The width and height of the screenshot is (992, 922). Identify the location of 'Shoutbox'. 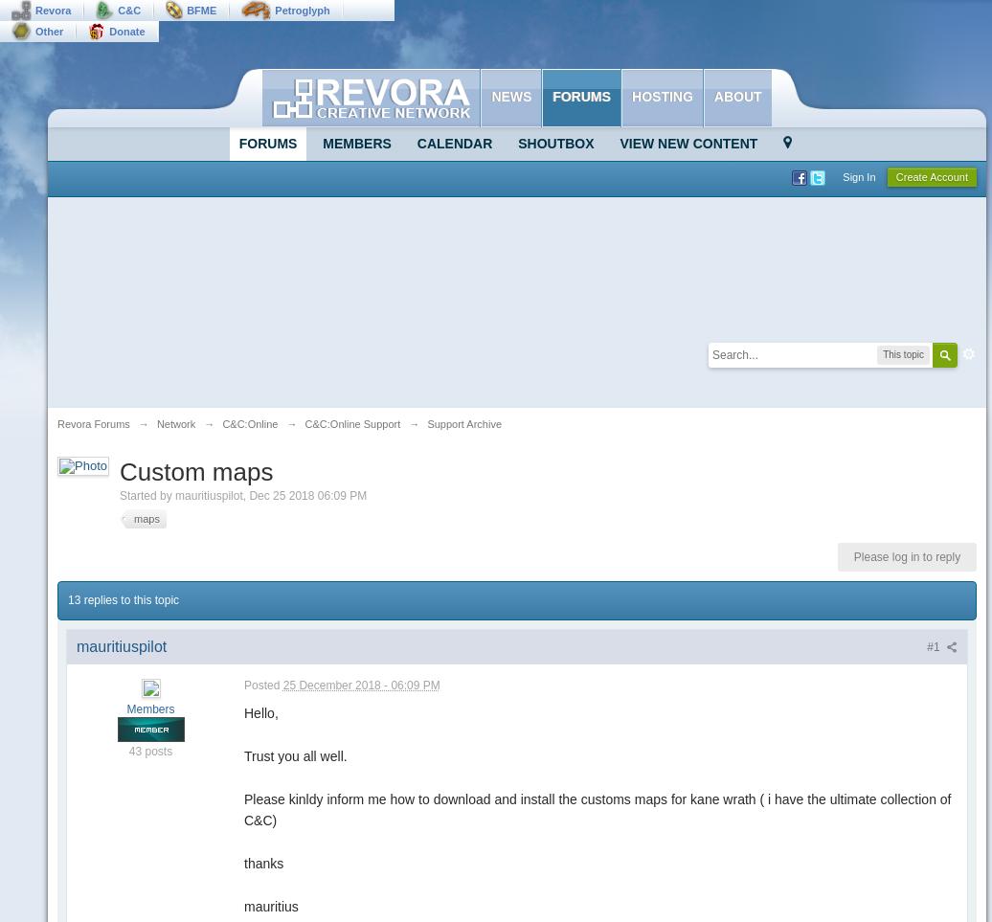
(555, 144).